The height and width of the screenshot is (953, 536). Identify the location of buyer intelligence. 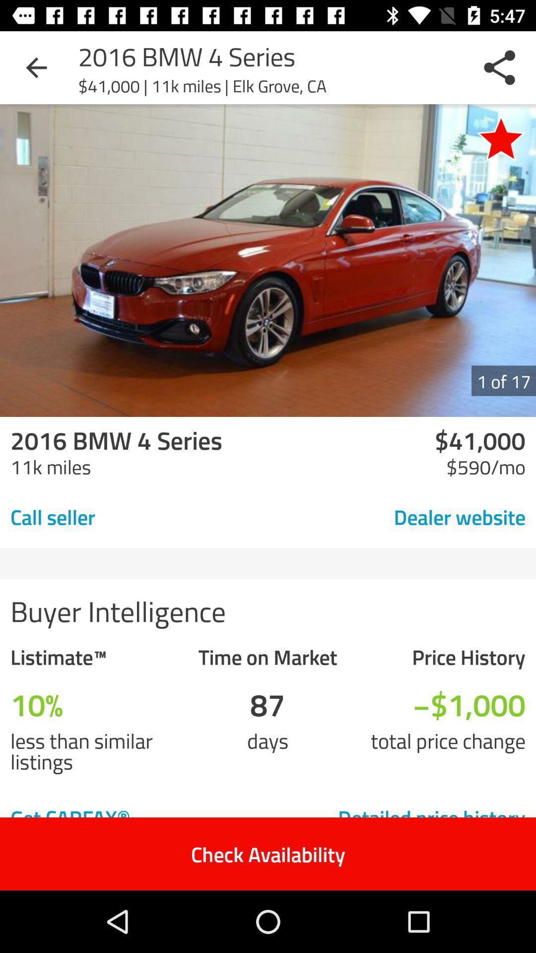
(268, 610).